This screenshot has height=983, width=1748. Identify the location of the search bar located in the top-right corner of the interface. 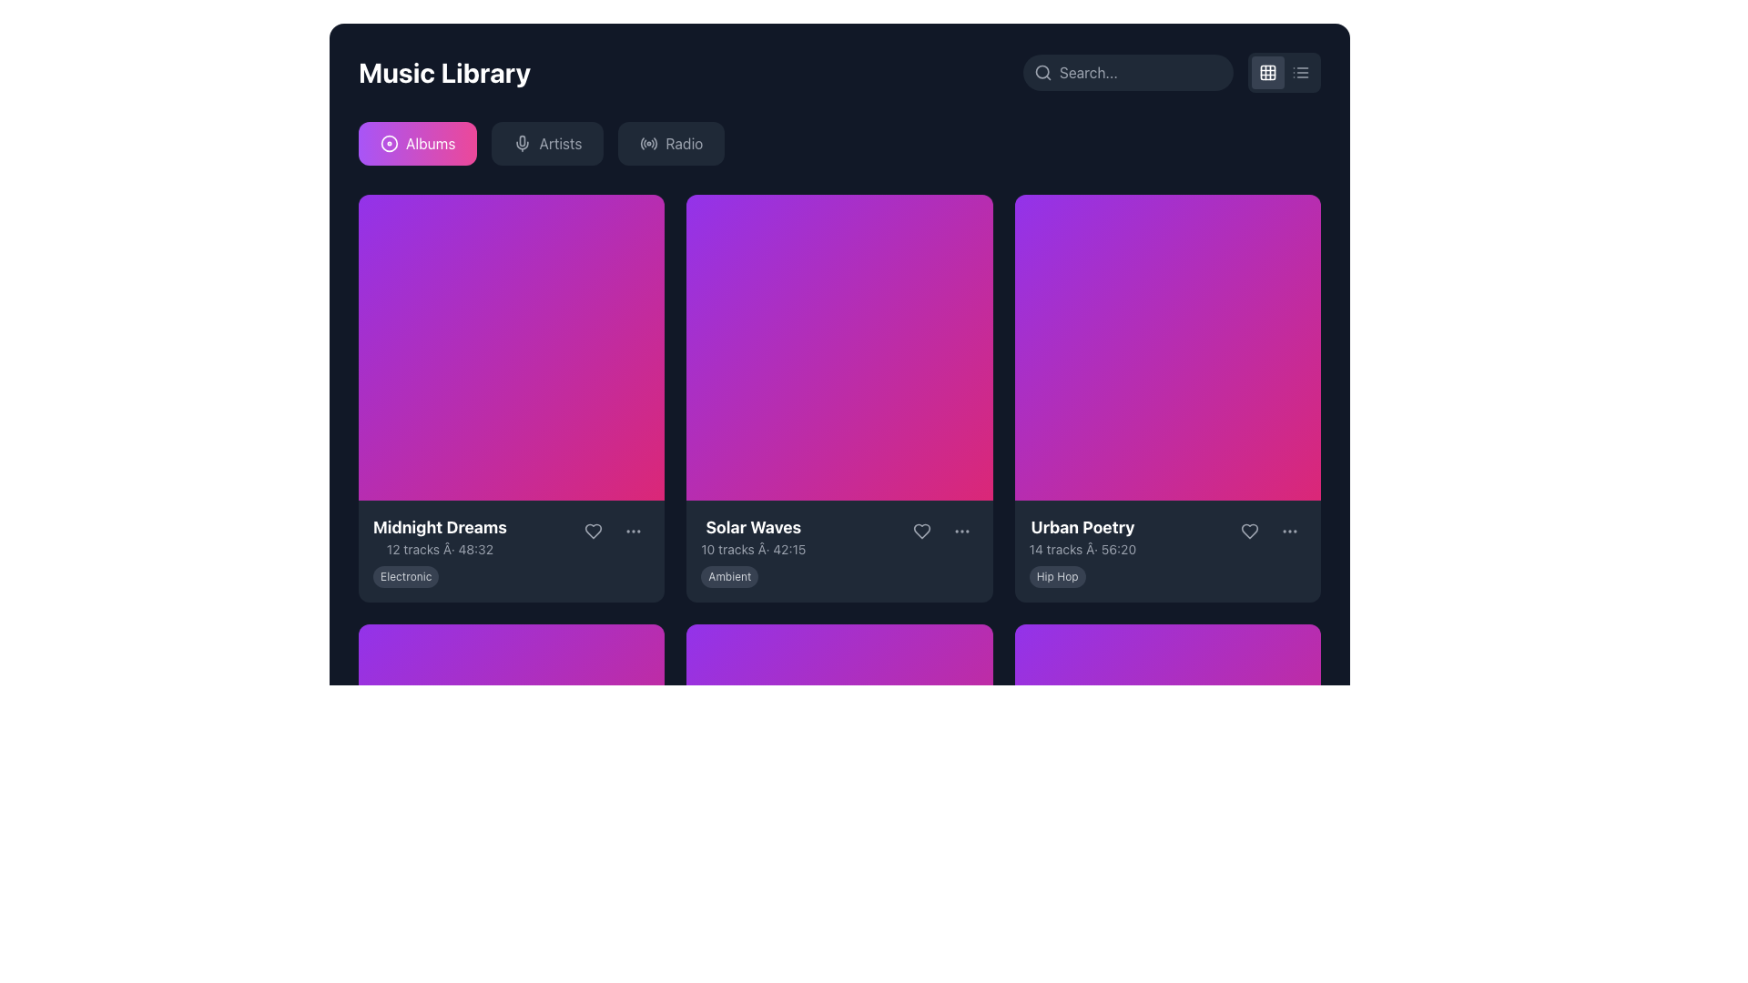
(1127, 72).